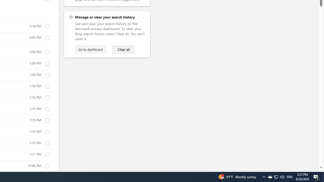  I want to click on 'Go to dashboard', so click(90, 49).